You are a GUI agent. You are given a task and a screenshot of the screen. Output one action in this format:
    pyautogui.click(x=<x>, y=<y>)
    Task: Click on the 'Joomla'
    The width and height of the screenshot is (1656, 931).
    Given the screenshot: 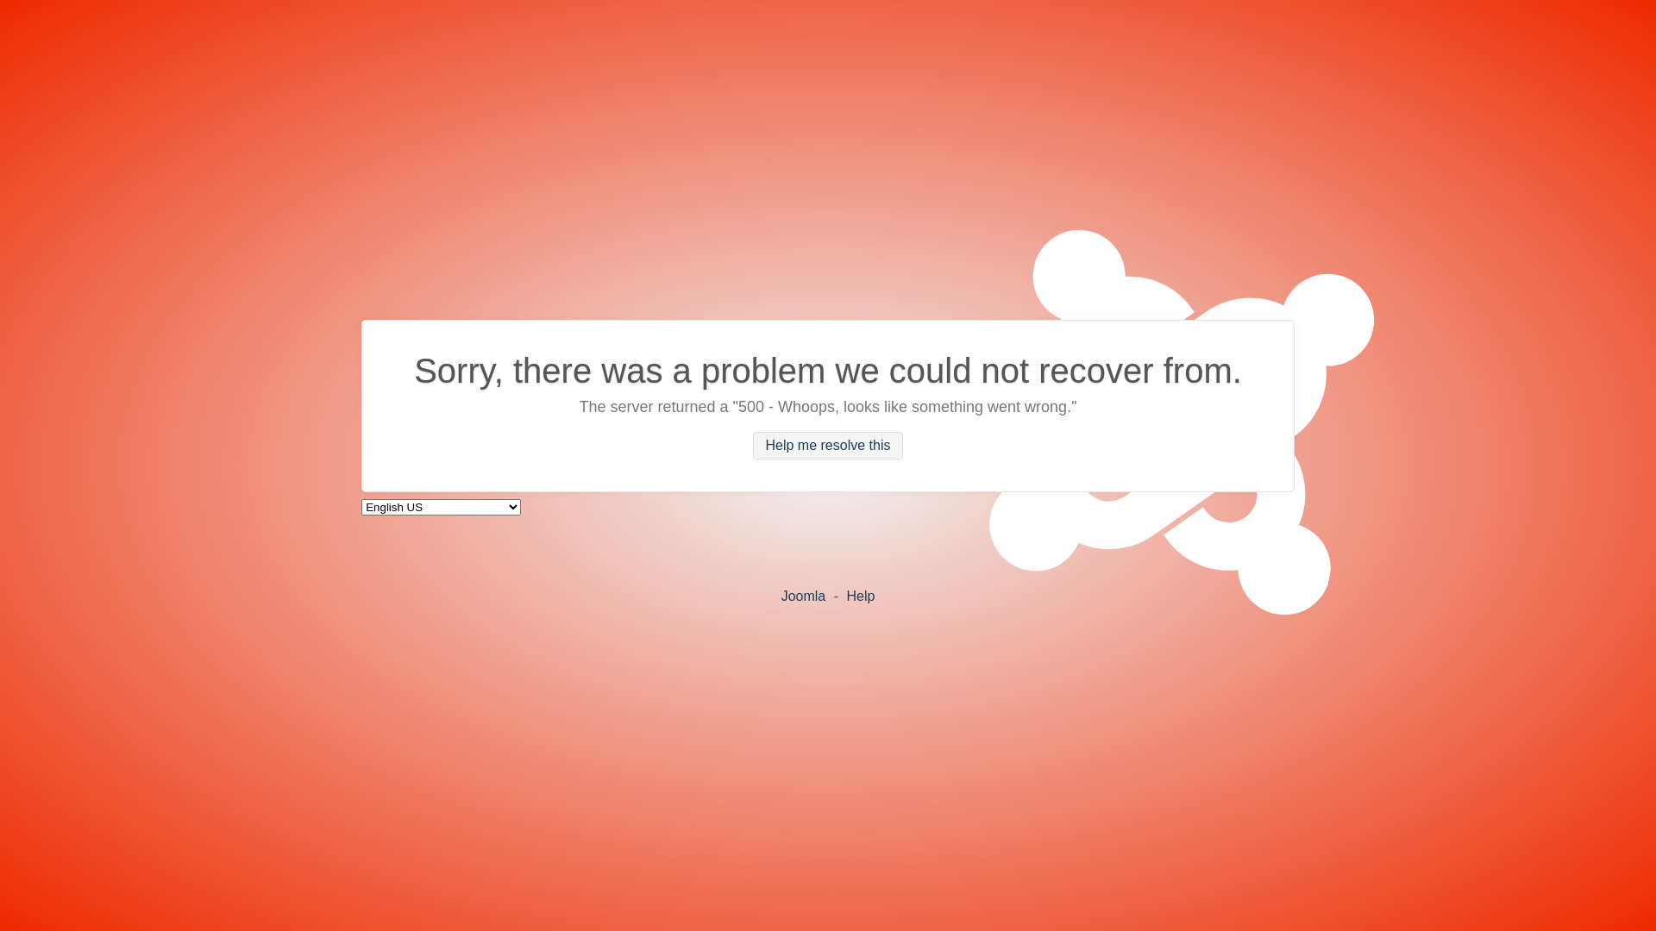 What is the action you would take?
    pyautogui.click(x=781, y=594)
    